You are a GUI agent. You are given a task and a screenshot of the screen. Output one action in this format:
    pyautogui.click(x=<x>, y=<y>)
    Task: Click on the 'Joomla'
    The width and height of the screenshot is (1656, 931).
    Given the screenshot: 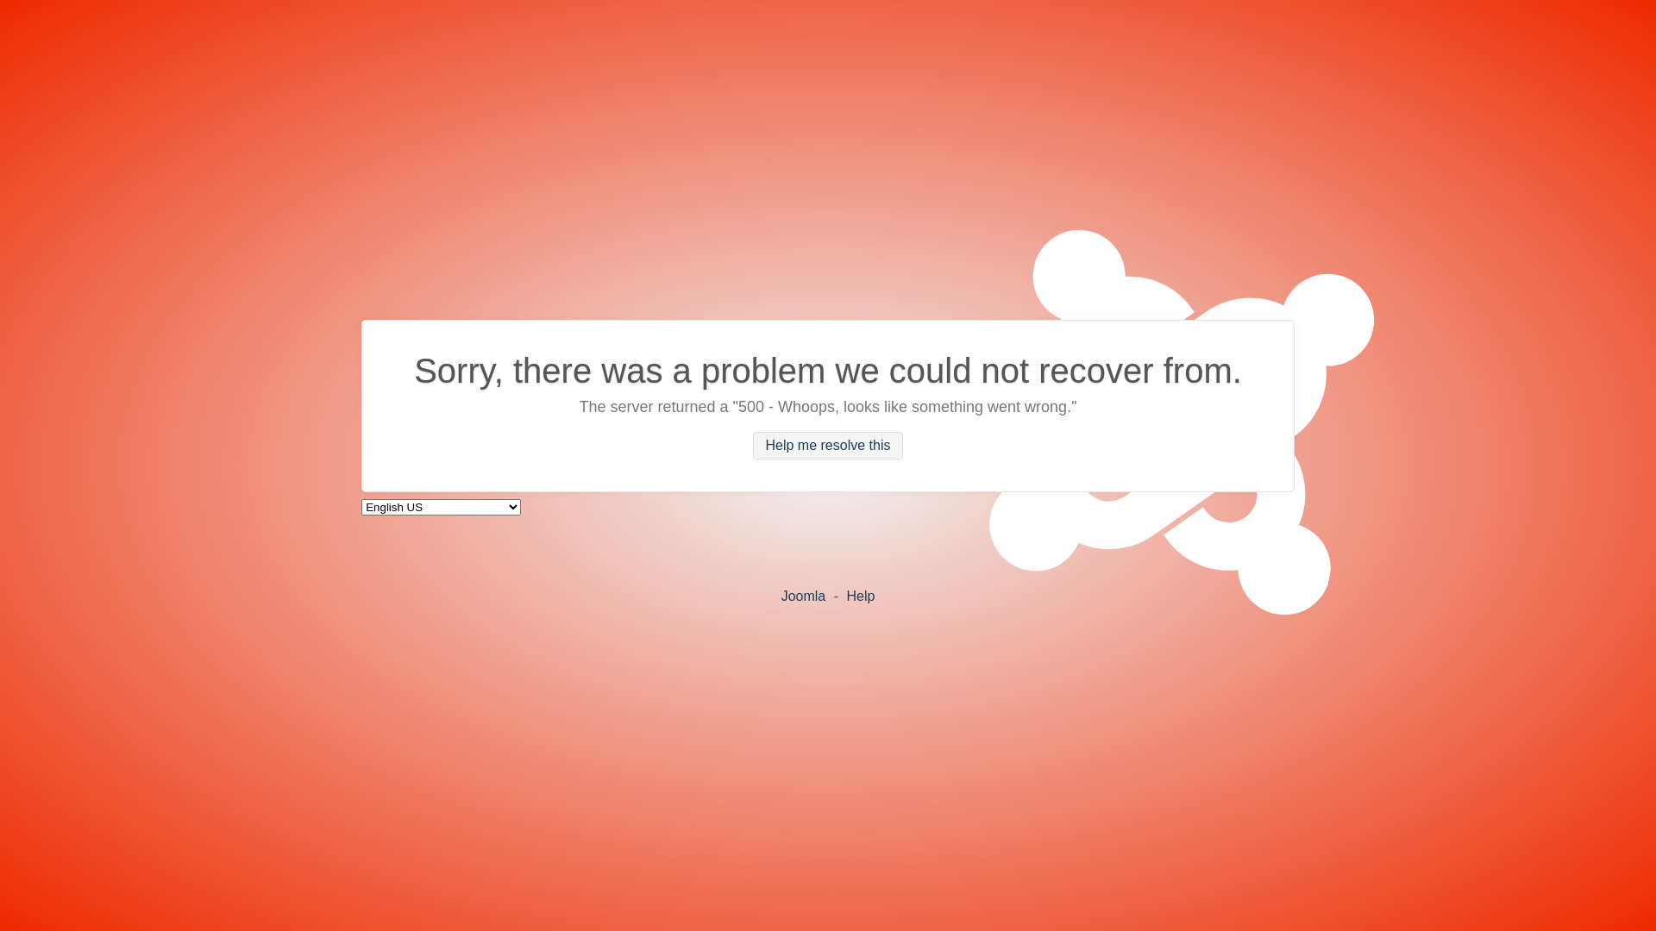 What is the action you would take?
    pyautogui.click(x=781, y=594)
    